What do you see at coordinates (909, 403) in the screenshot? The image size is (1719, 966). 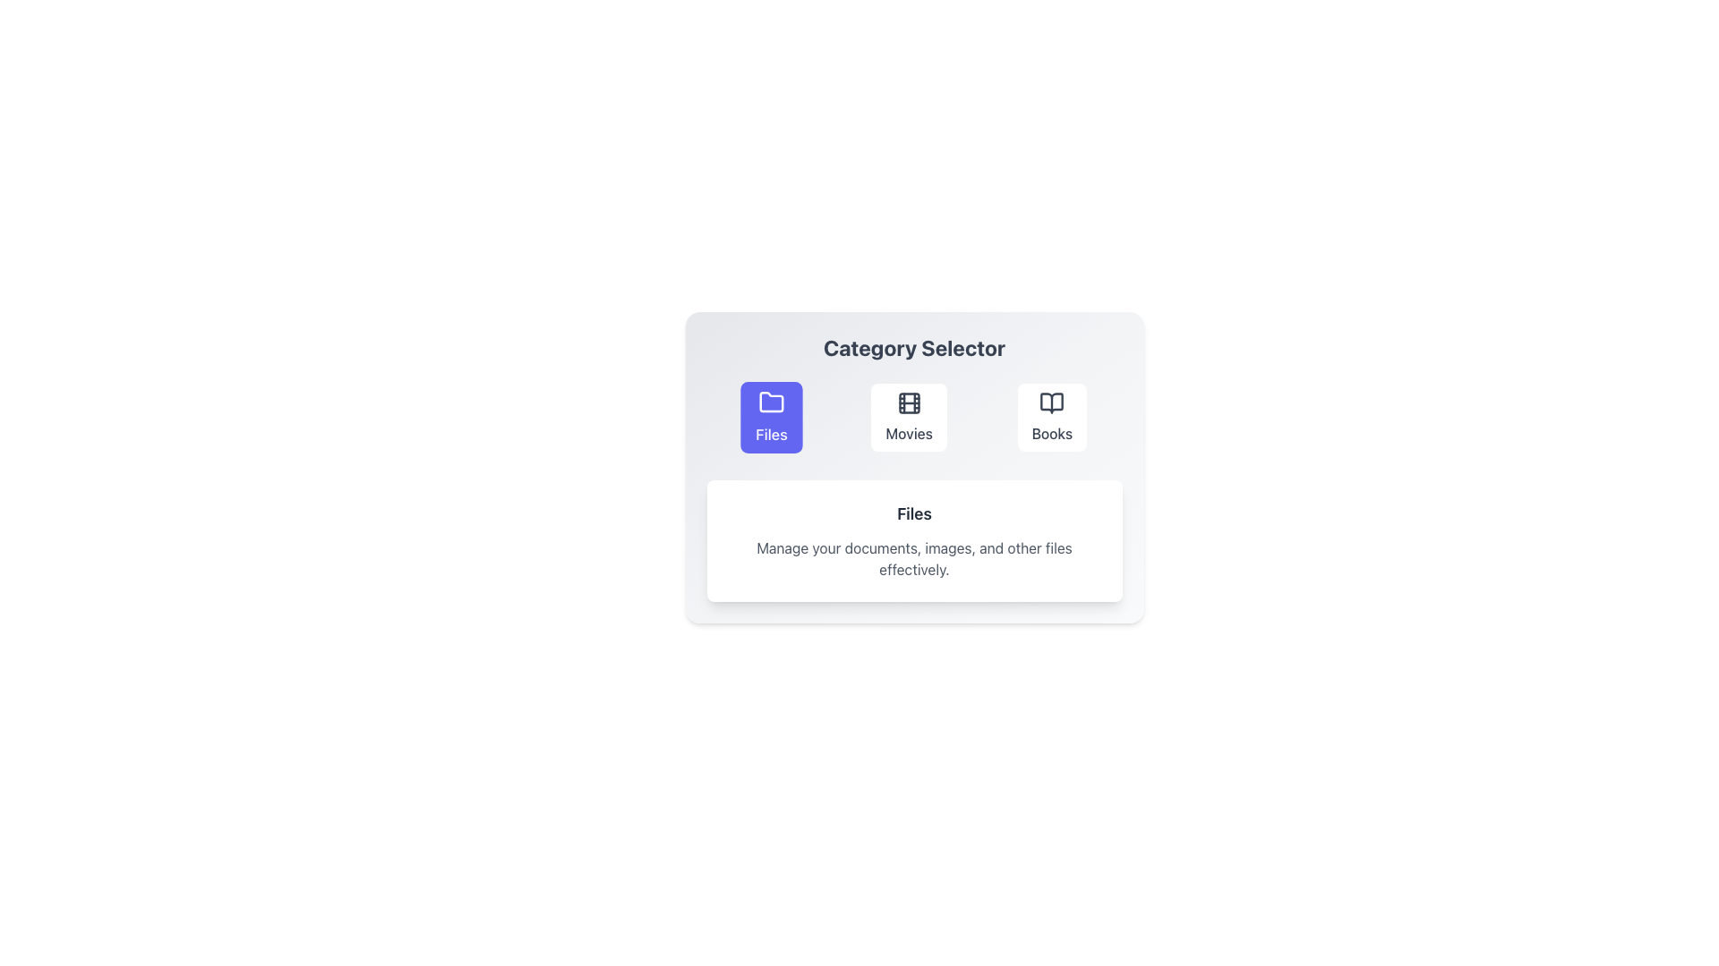 I see `the Decorative UI Element (Rounded Rectangle) located within the film reel icon, which is positioned in the center of the 'Movies' button` at bounding box center [909, 403].